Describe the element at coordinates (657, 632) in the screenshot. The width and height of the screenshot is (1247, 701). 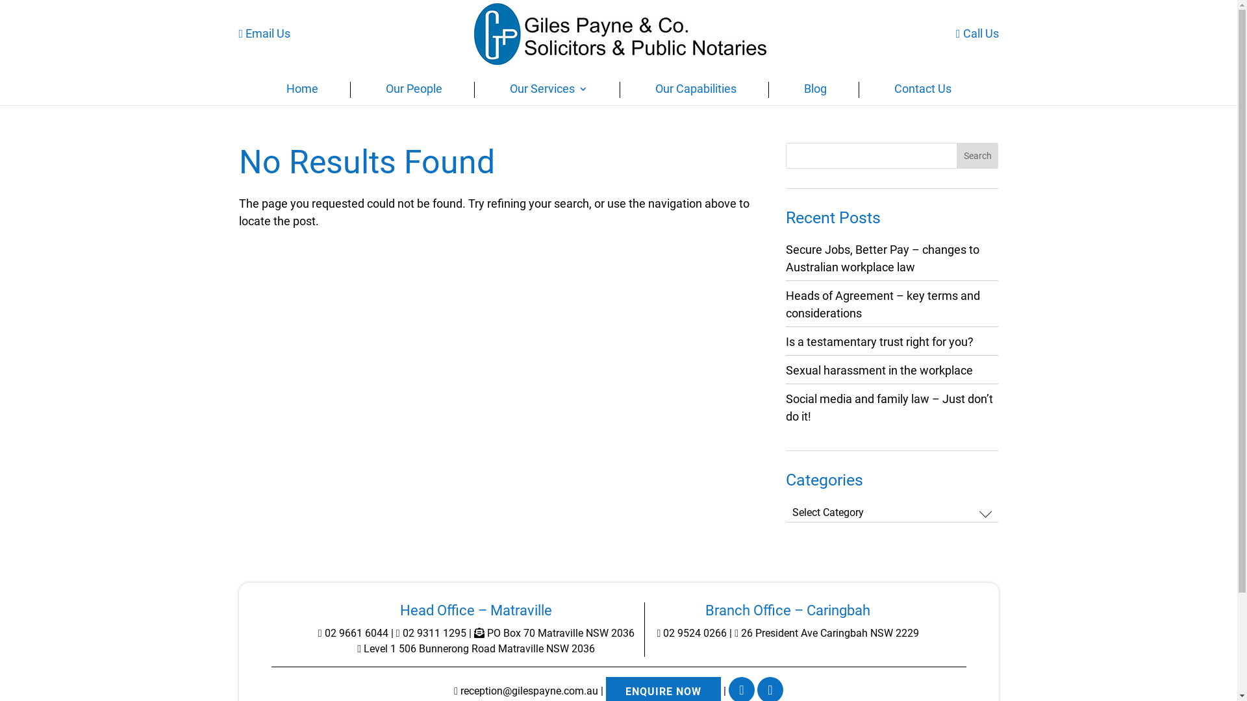
I see `'02 9524 0266'` at that location.